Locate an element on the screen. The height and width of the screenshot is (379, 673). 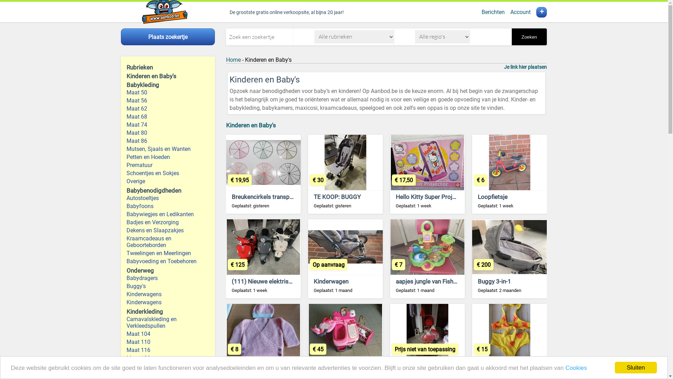
'Loopfietsje' is located at coordinates (492, 196).